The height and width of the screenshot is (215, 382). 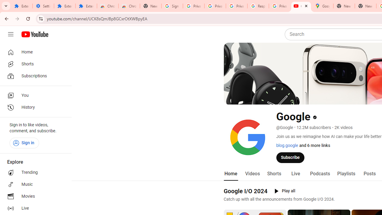 What do you see at coordinates (246, 191) in the screenshot?
I see `'Google I/O 2024'` at bounding box center [246, 191].